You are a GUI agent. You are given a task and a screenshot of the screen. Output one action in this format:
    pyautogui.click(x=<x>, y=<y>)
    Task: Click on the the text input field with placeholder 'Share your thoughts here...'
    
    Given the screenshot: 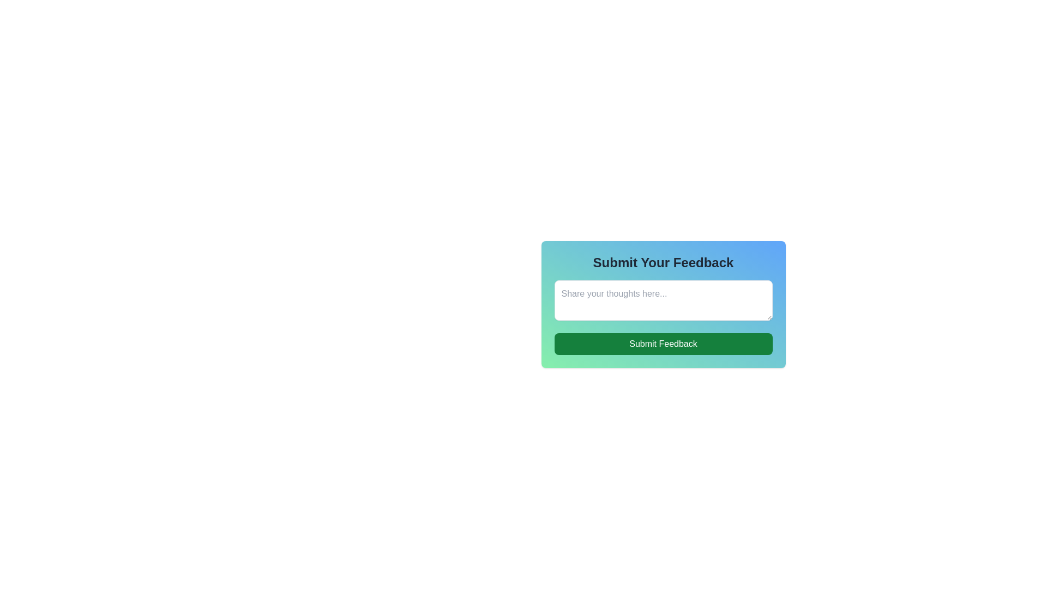 What is the action you would take?
    pyautogui.click(x=663, y=300)
    